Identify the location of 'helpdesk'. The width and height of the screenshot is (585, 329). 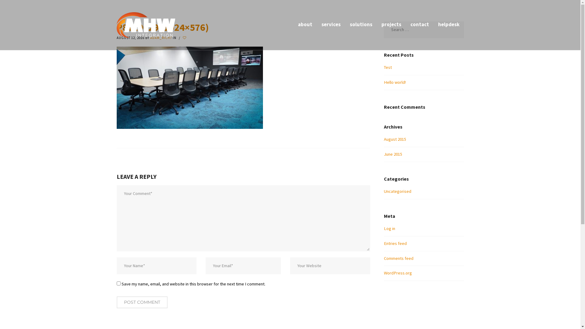
(433, 24).